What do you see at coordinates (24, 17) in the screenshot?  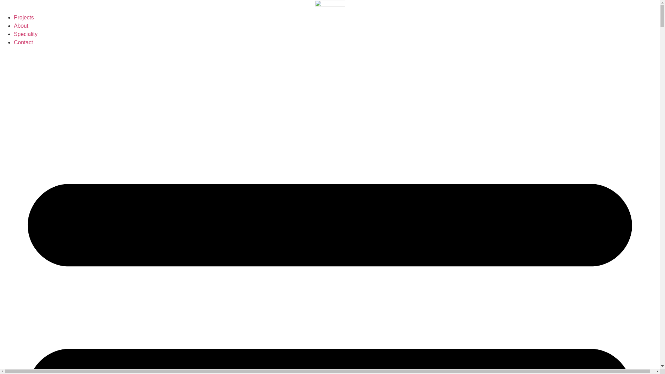 I see `'Projects'` at bounding box center [24, 17].